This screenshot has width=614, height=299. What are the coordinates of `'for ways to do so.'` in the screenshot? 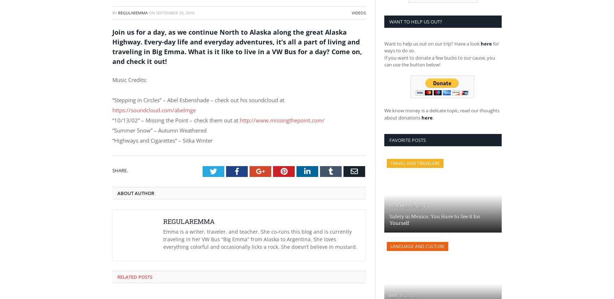 It's located at (441, 46).